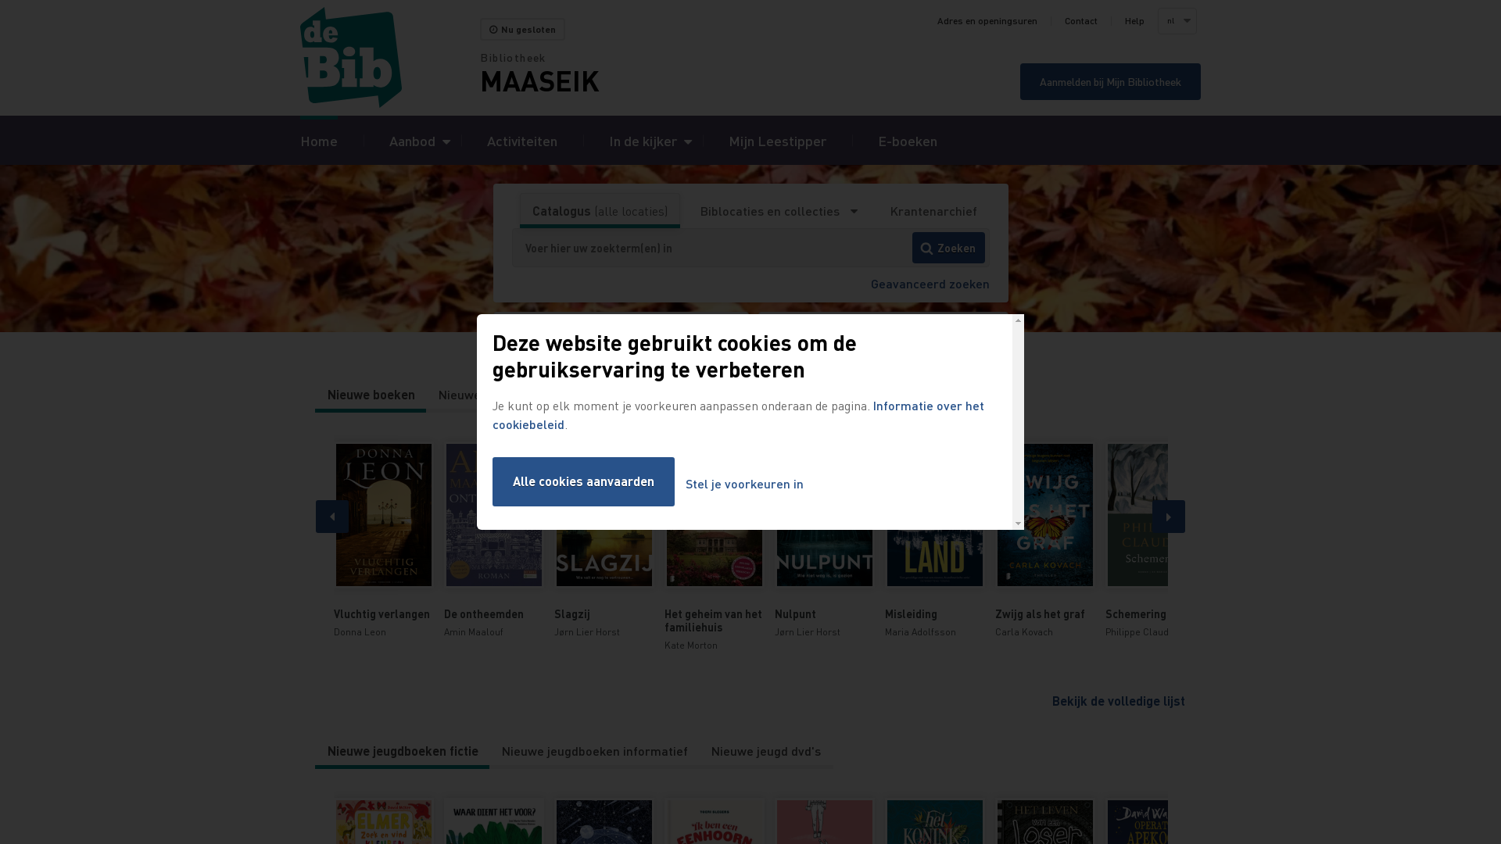 Image resolution: width=1501 pixels, height=844 pixels. What do you see at coordinates (582, 481) in the screenshot?
I see `'Alle cookies aanvaarden'` at bounding box center [582, 481].